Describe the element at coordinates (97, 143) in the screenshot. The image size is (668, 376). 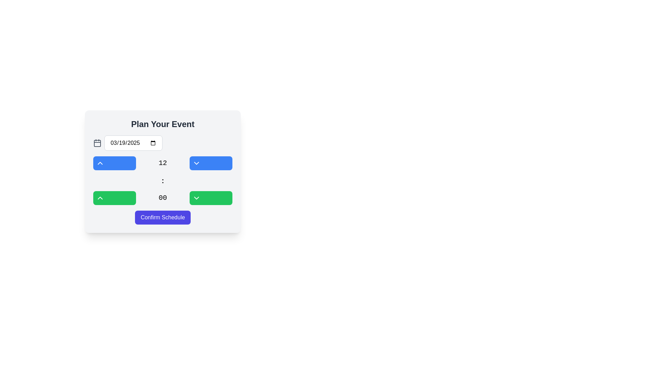
I see `the body of the calendar icon, which is represented as an SVG rectangle and is centrally positioned within the calendar square, located to the left of the date input field` at that location.